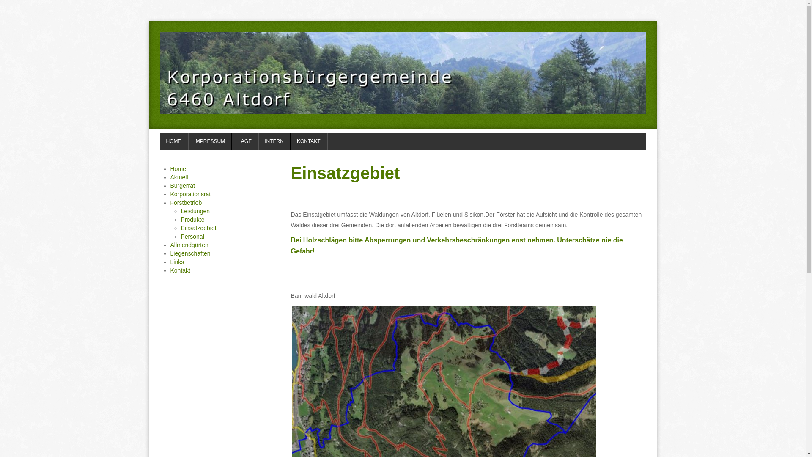 This screenshot has height=457, width=812. I want to click on 'Forstbetrieb', so click(185, 202).